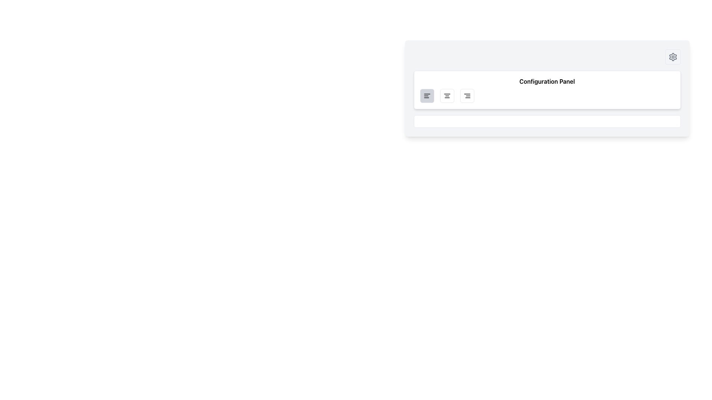 This screenshot has width=712, height=400. I want to click on the settings icon button located at the top-right end of the configuration panel, so click(673, 57).